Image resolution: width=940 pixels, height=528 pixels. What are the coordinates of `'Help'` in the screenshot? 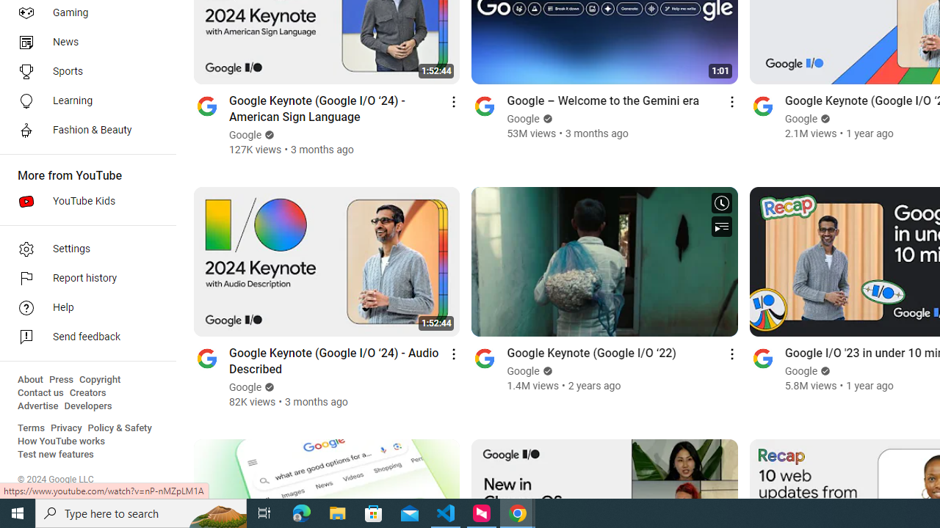 It's located at (82, 307).